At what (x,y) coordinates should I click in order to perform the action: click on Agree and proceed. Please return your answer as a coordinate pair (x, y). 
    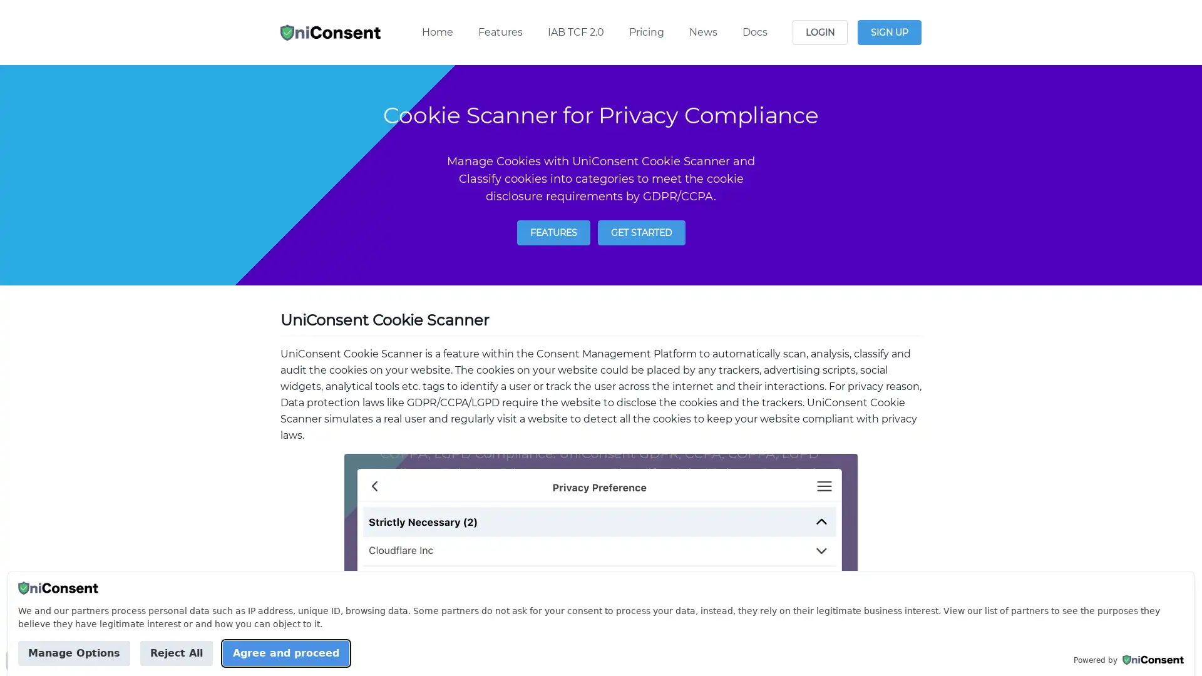
    Looking at the image, I should click on (285, 653).